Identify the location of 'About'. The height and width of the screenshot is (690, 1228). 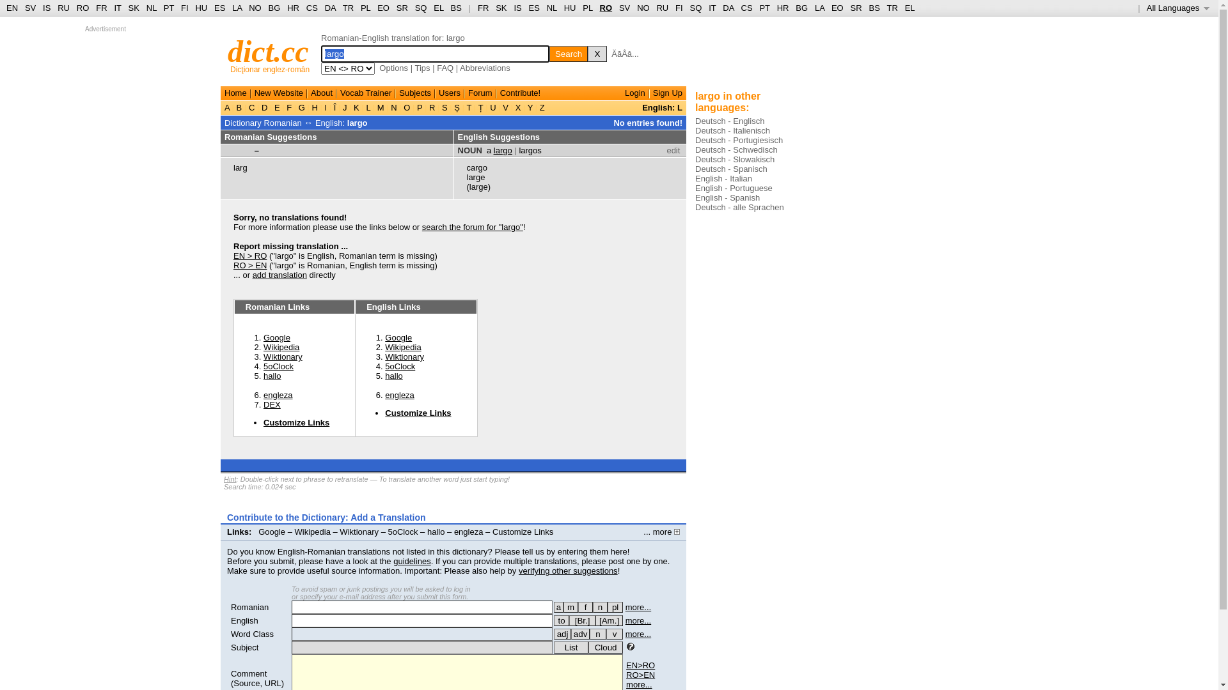
(322, 92).